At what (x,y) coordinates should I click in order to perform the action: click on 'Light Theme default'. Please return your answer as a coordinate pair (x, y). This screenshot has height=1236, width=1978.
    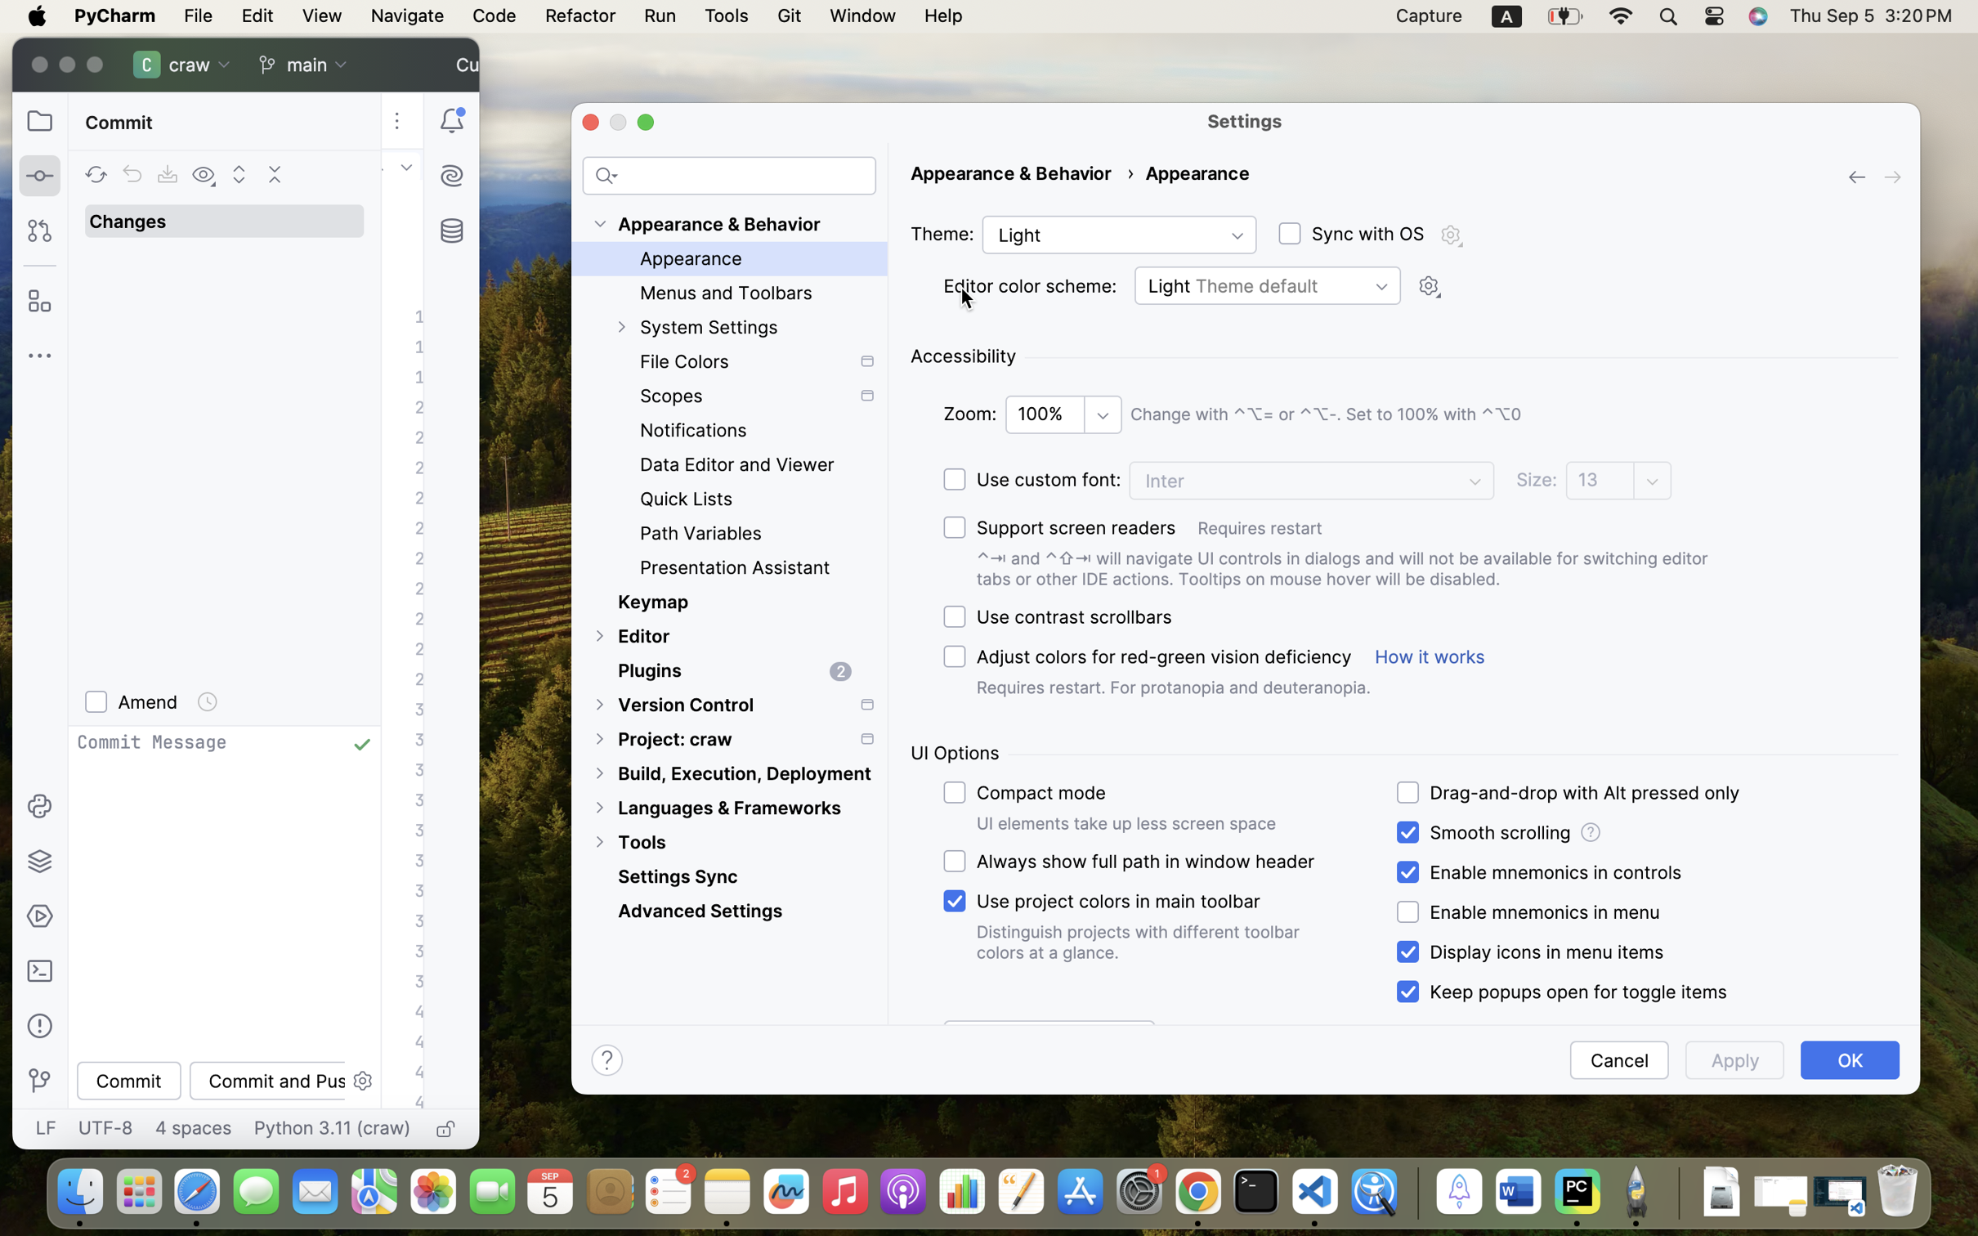
    Looking at the image, I should click on (1267, 284).